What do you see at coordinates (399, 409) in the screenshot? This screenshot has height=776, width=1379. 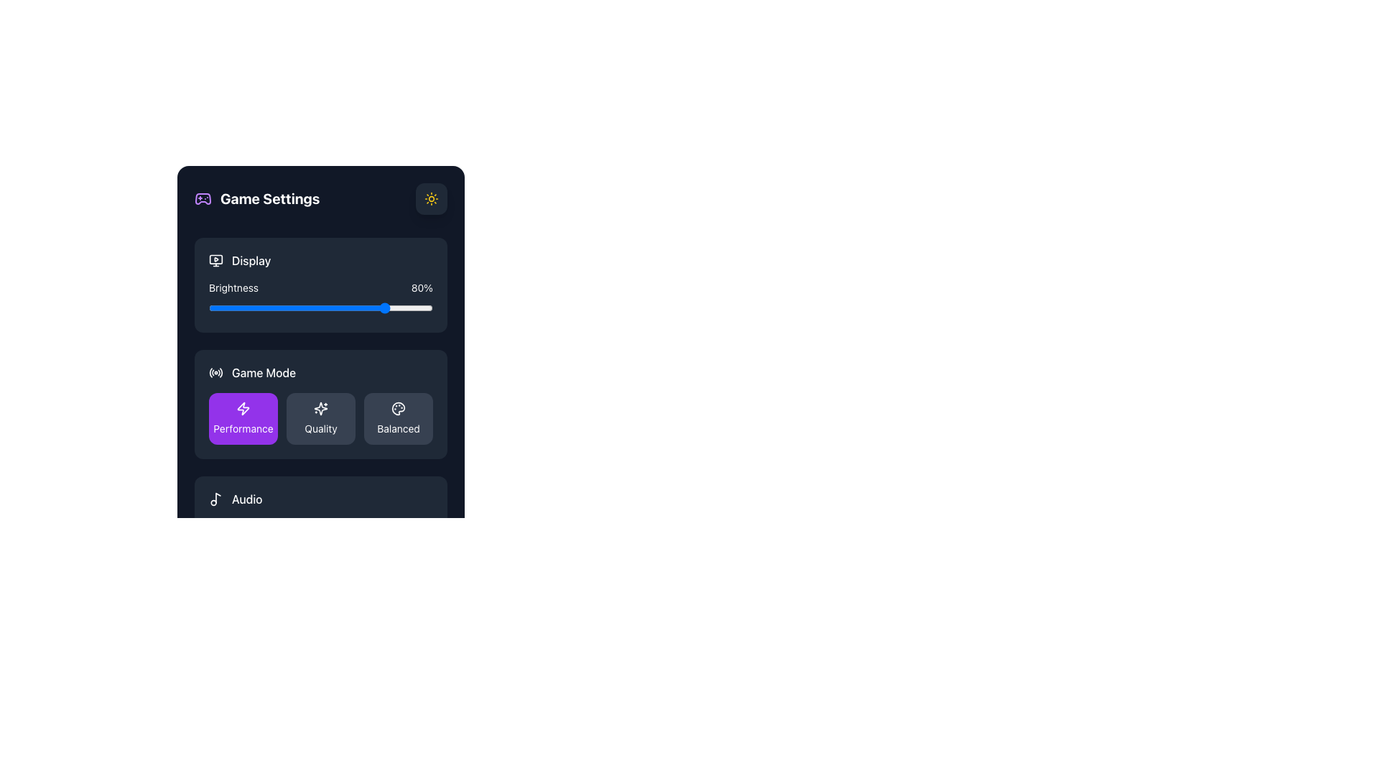 I see `the icon located in the top half of the 'Balanced' button in the 'Game Mode' section` at bounding box center [399, 409].